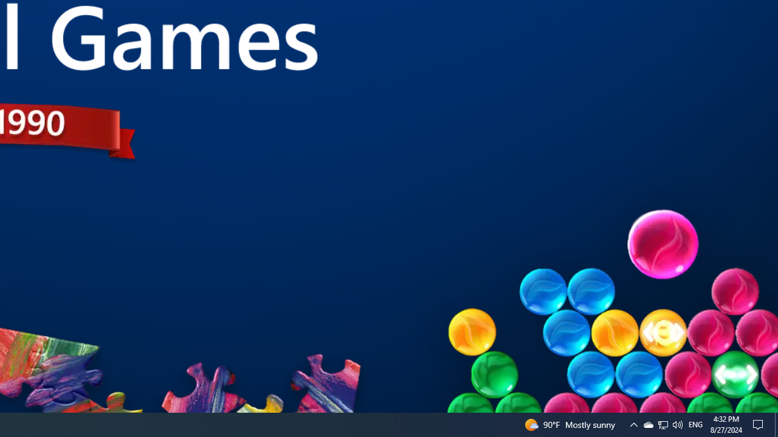 The image size is (778, 437). Describe the element at coordinates (760, 424) in the screenshot. I see `'Action Center, No new notifications'` at that location.